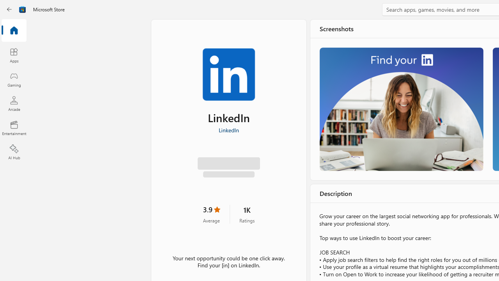 The width and height of the screenshot is (499, 281). Describe the element at coordinates (211, 216) in the screenshot. I see `'3.9 stars. Click to skip to ratings and reviews'` at that location.